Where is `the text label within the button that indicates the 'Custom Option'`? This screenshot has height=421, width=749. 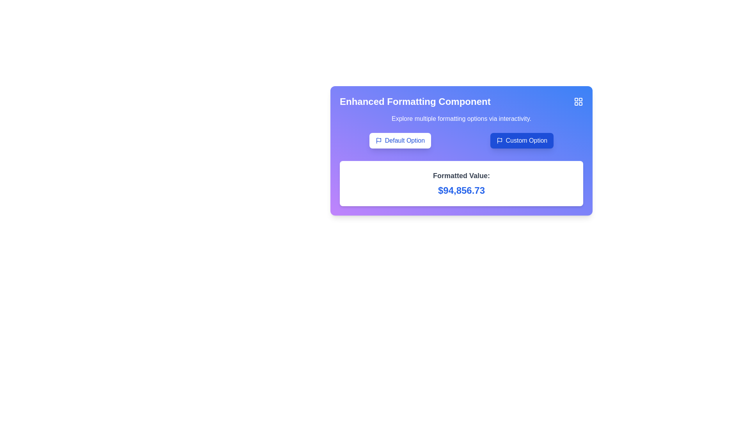
the text label within the button that indicates the 'Custom Option' is located at coordinates (526, 141).